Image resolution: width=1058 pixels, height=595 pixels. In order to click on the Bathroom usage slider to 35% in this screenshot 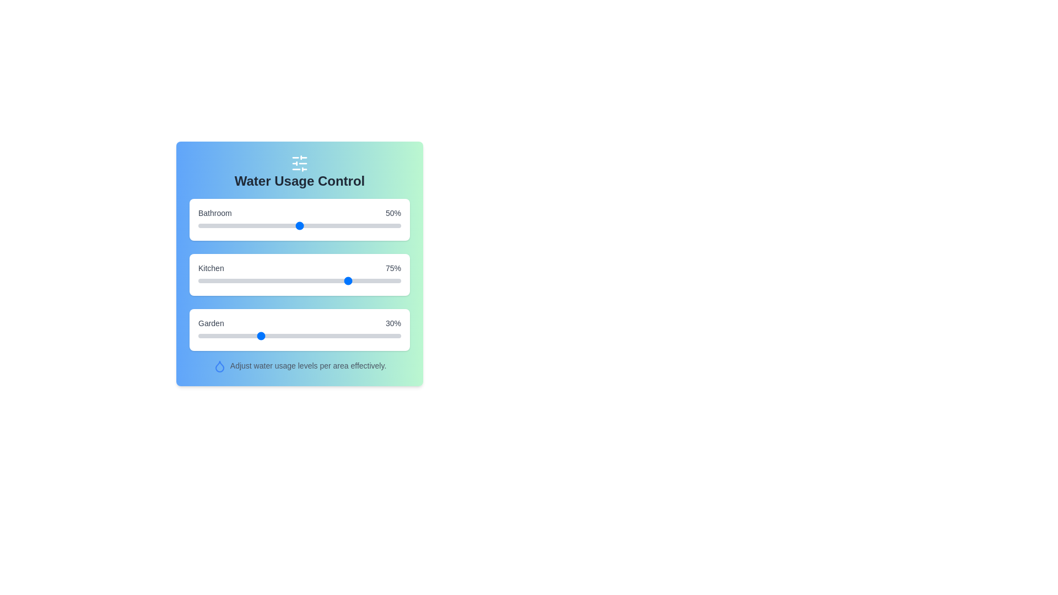, I will do `click(269, 225)`.